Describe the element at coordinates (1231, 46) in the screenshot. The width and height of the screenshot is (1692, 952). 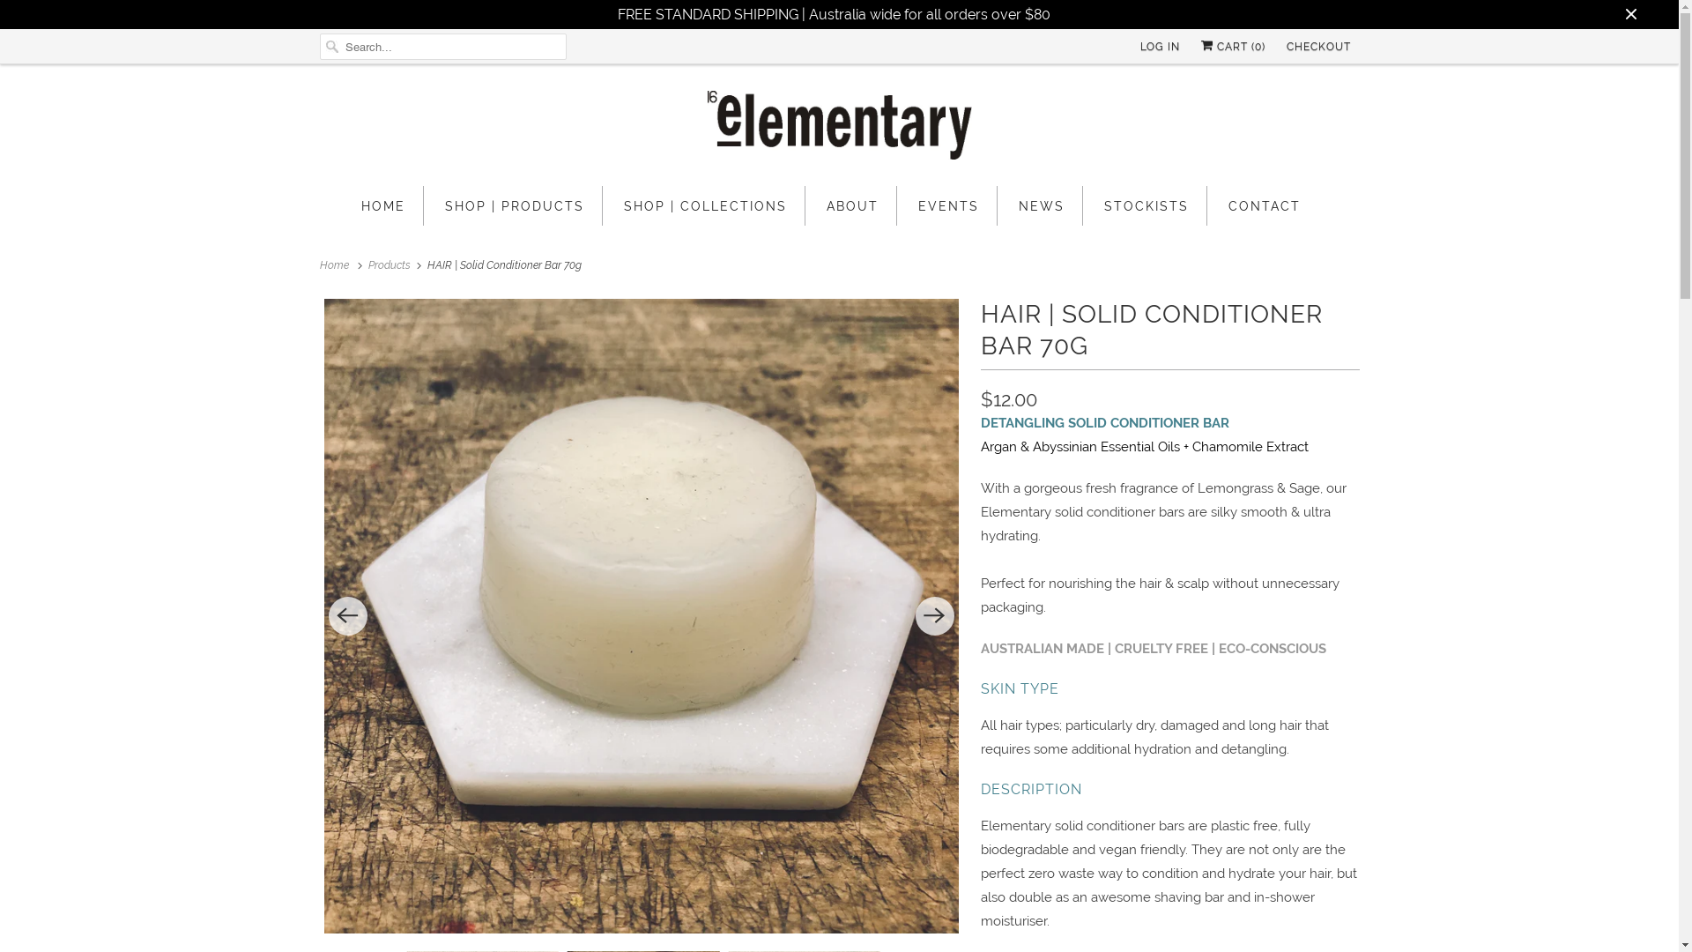
I see `'CART (0)'` at that location.